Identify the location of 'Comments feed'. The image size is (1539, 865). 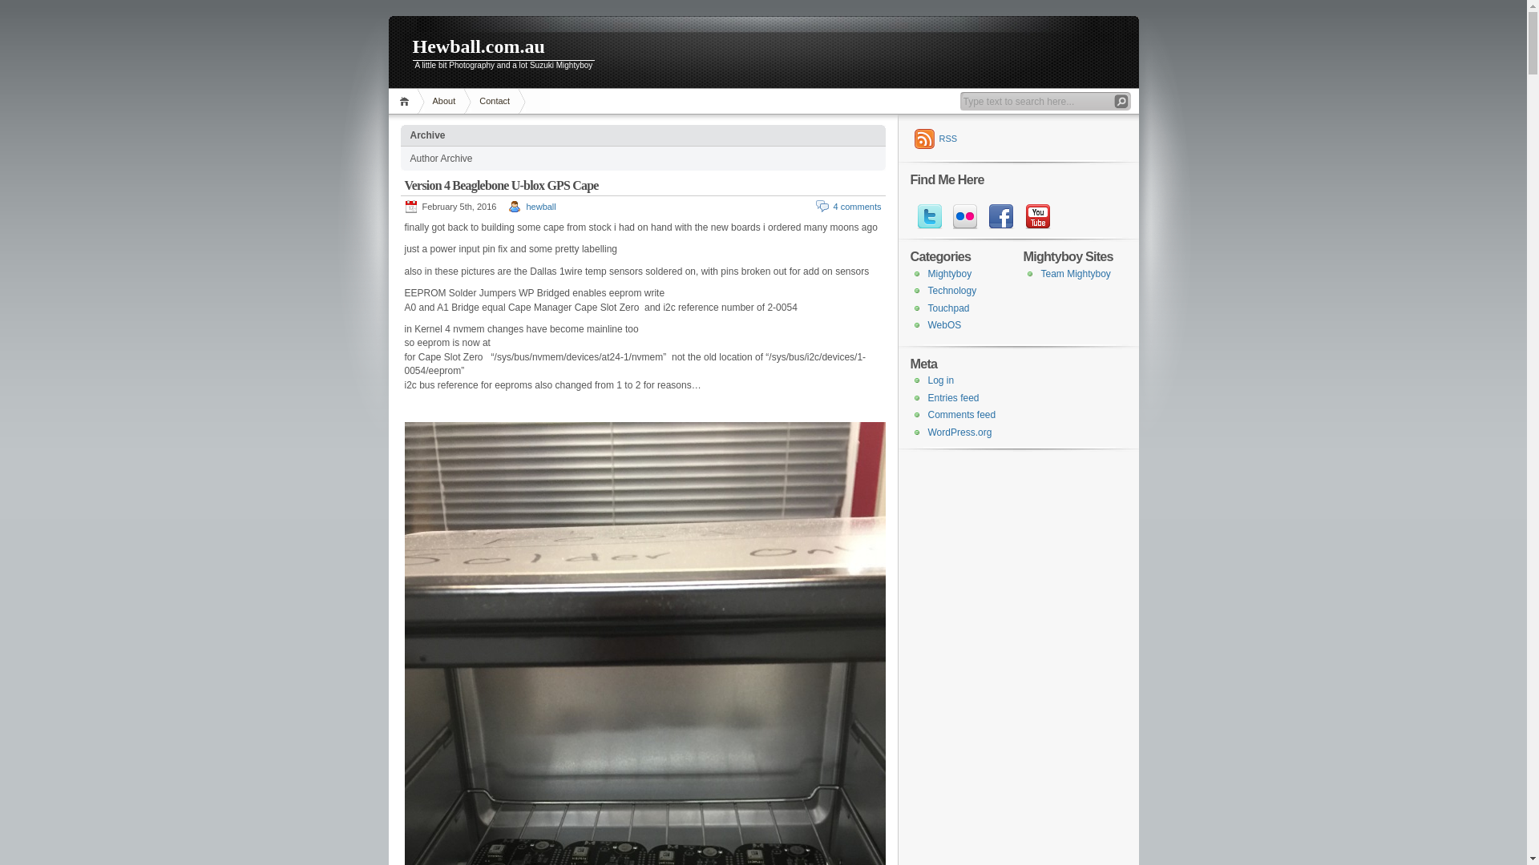
(962, 413).